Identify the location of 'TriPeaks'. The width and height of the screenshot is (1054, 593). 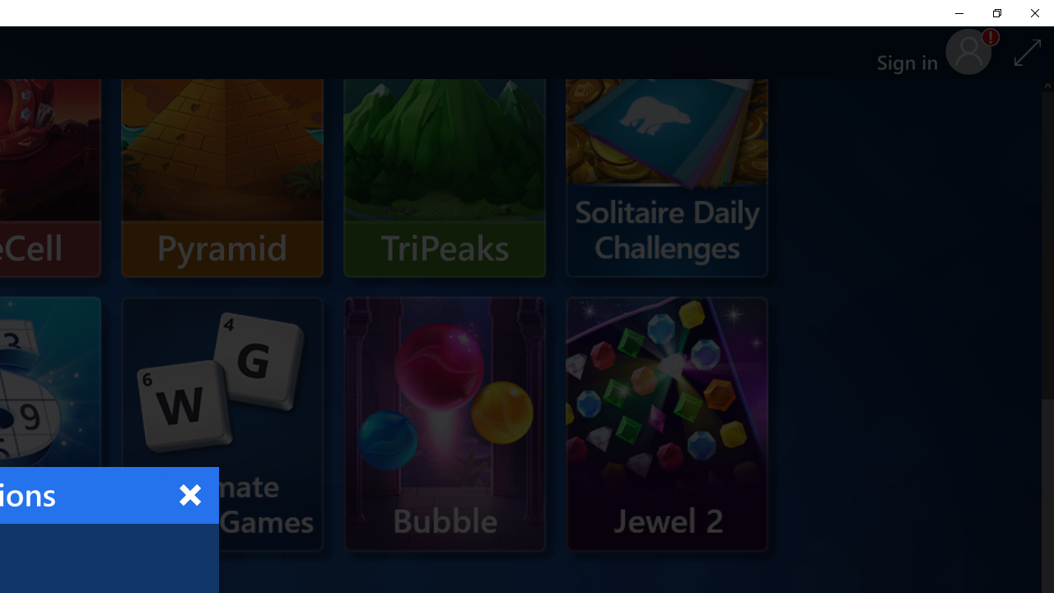
(445, 150).